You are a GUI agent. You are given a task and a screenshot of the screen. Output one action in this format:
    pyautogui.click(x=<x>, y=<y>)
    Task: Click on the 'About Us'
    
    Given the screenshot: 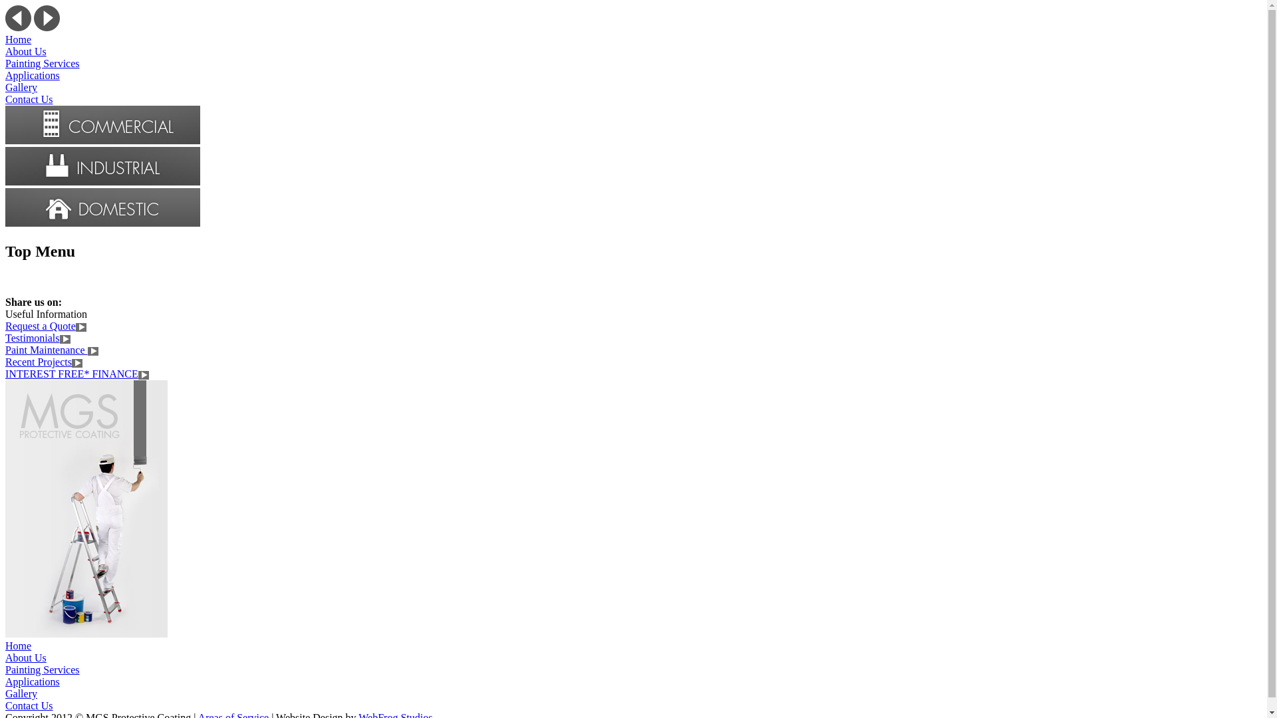 What is the action you would take?
    pyautogui.click(x=25, y=657)
    